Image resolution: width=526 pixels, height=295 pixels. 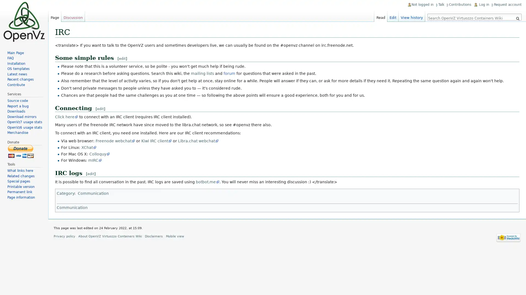 What do you see at coordinates (21, 151) in the screenshot?
I see `PayPal - The safer, easier way to pay online!` at bounding box center [21, 151].